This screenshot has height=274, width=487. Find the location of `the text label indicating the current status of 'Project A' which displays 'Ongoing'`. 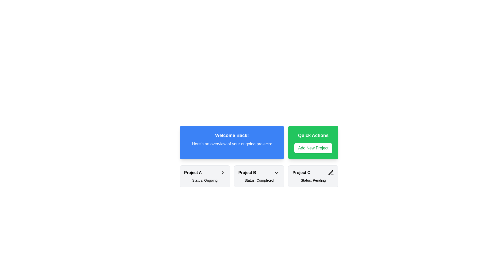

the text label indicating the current status of 'Project A' which displays 'Ongoing' is located at coordinates (205, 180).